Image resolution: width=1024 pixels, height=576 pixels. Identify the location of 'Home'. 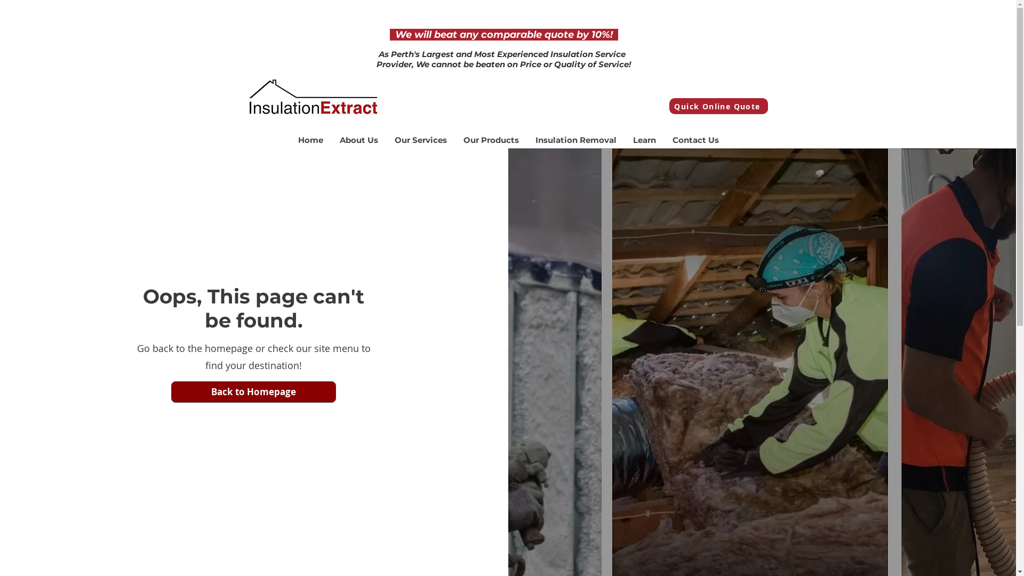
(289, 139).